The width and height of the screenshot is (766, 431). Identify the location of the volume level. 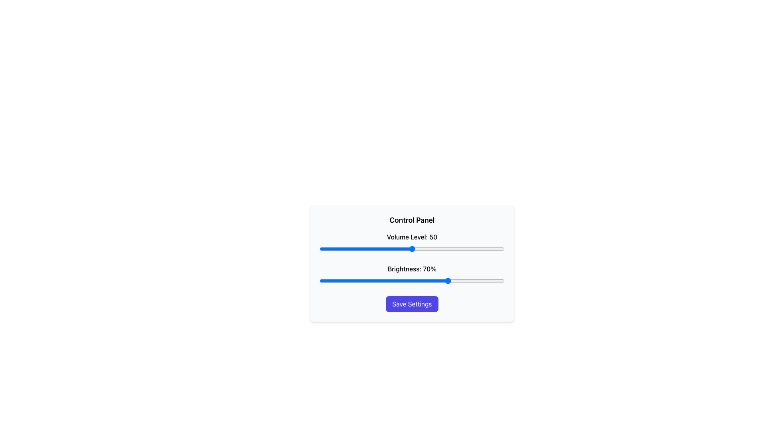
(344, 249).